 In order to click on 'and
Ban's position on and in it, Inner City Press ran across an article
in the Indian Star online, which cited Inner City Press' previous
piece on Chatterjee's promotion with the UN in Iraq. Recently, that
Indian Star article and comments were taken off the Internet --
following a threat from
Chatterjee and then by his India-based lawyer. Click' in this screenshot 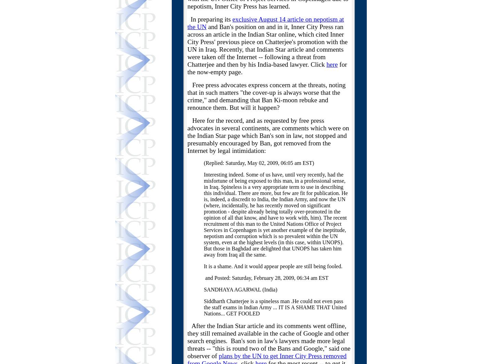, I will do `click(267, 45)`.